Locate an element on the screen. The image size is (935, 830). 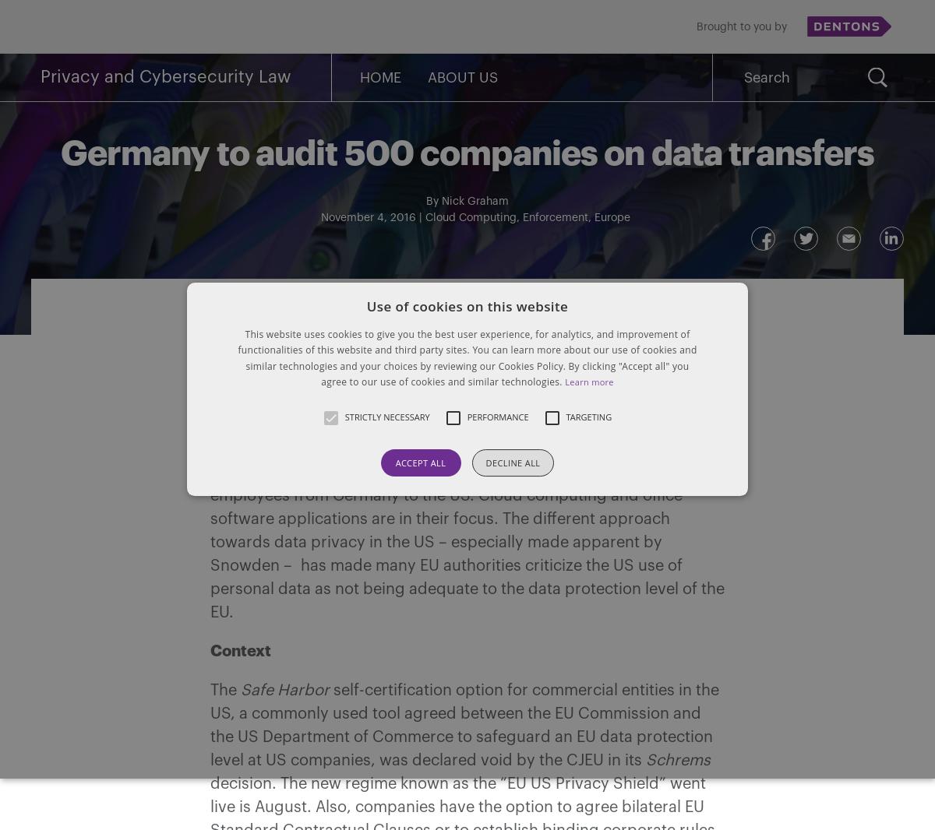
'Accept all' is located at coordinates (419, 461).